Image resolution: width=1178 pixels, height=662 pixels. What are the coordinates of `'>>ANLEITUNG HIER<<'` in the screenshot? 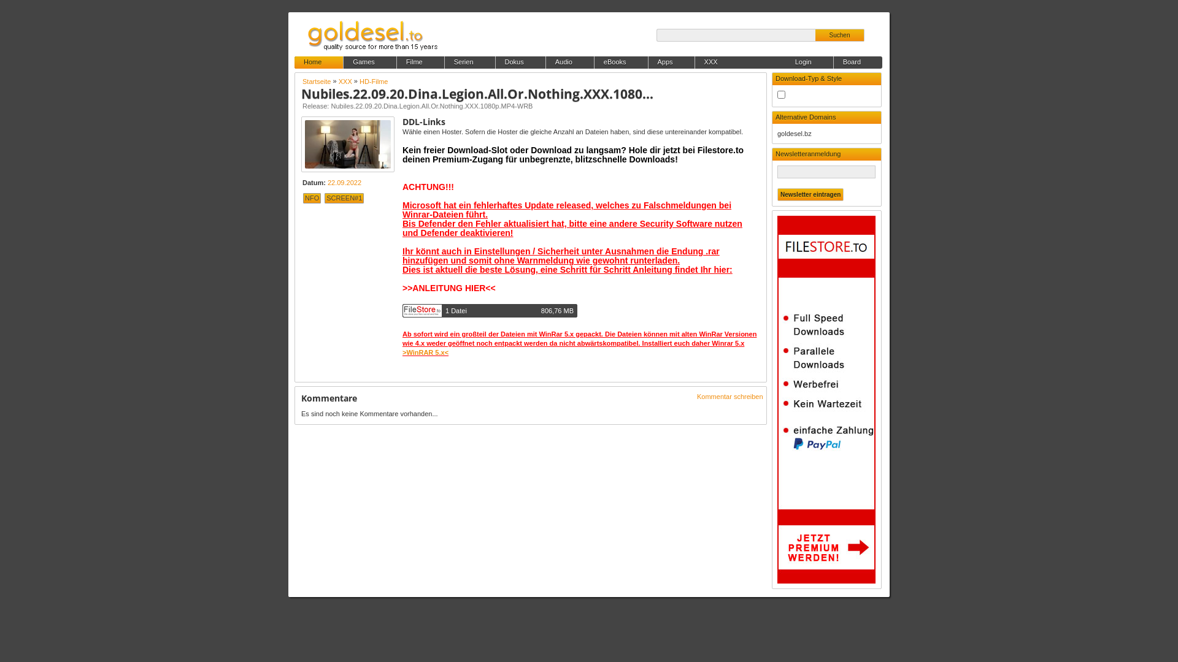 It's located at (448, 288).